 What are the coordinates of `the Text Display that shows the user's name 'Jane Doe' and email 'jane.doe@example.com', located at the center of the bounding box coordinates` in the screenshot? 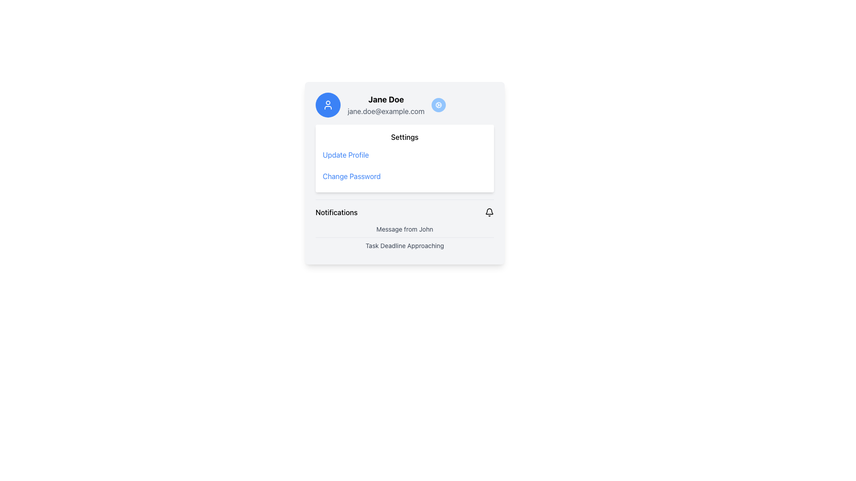 It's located at (404, 104).